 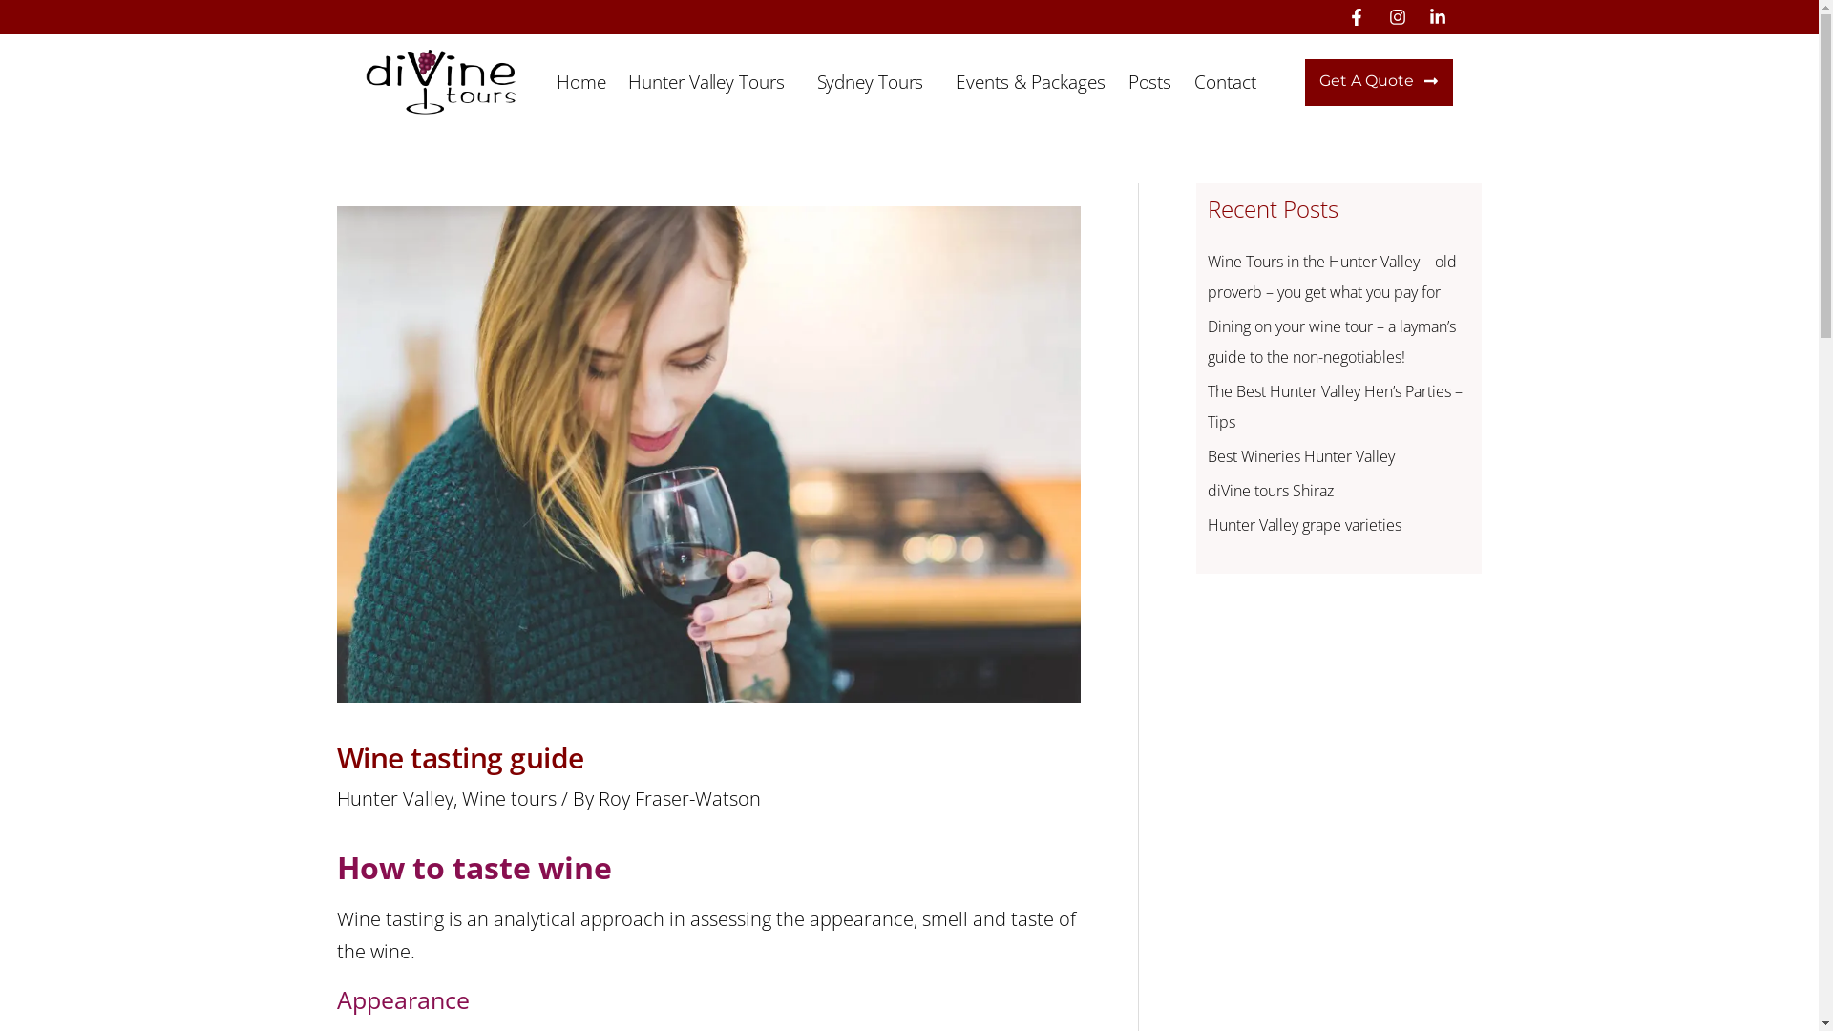 What do you see at coordinates (1205, 456) in the screenshot?
I see `'Best Wineries Hunter Valley'` at bounding box center [1205, 456].